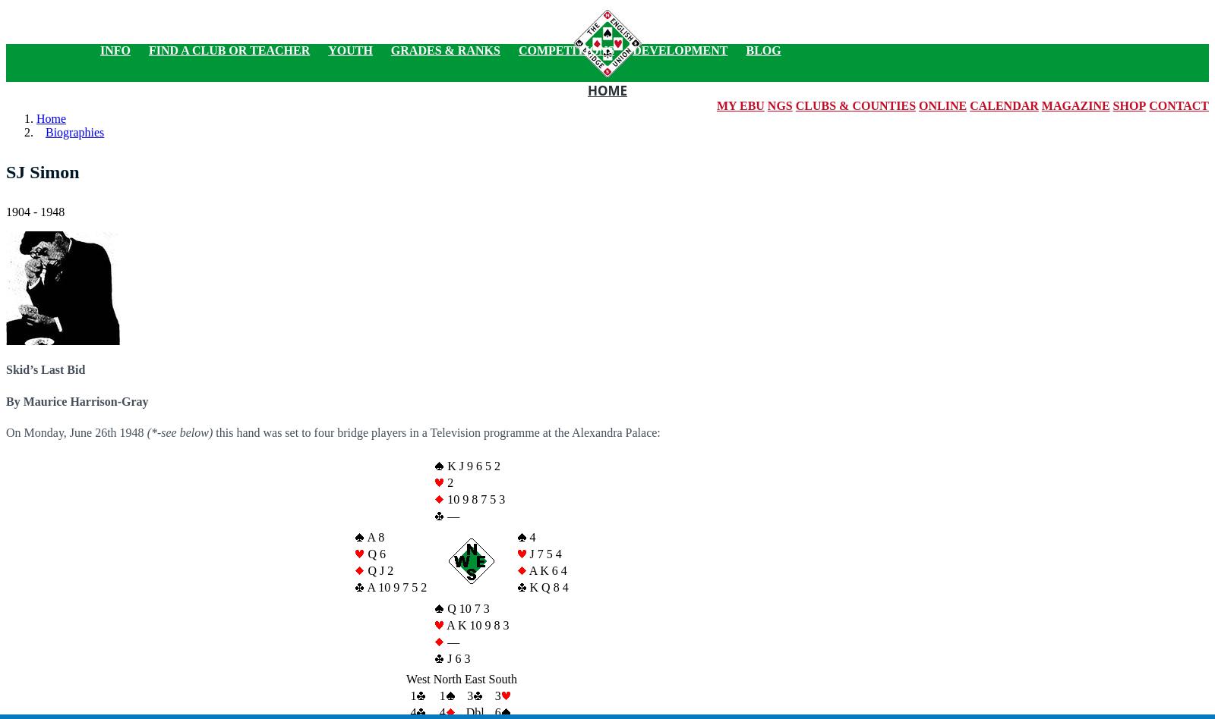  I want to click on '6', so click(497, 711).